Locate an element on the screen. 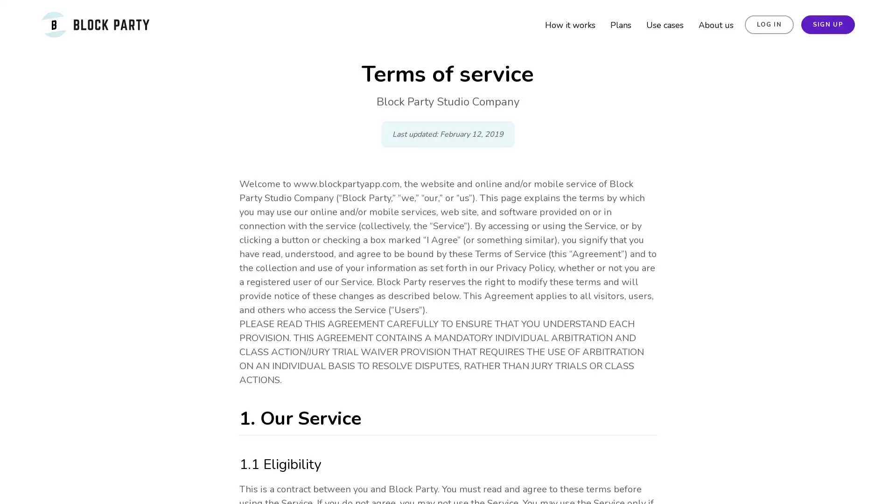  LOG IN is located at coordinates (769, 24).